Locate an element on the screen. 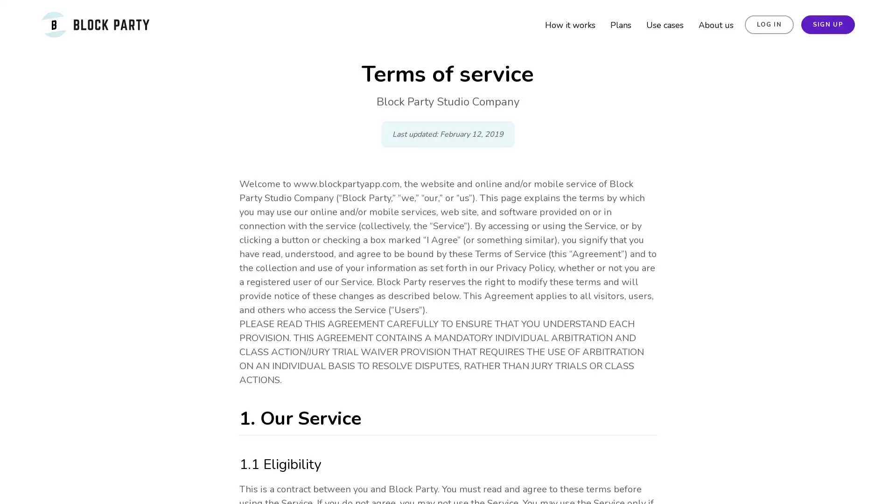  LOG IN is located at coordinates (769, 24).